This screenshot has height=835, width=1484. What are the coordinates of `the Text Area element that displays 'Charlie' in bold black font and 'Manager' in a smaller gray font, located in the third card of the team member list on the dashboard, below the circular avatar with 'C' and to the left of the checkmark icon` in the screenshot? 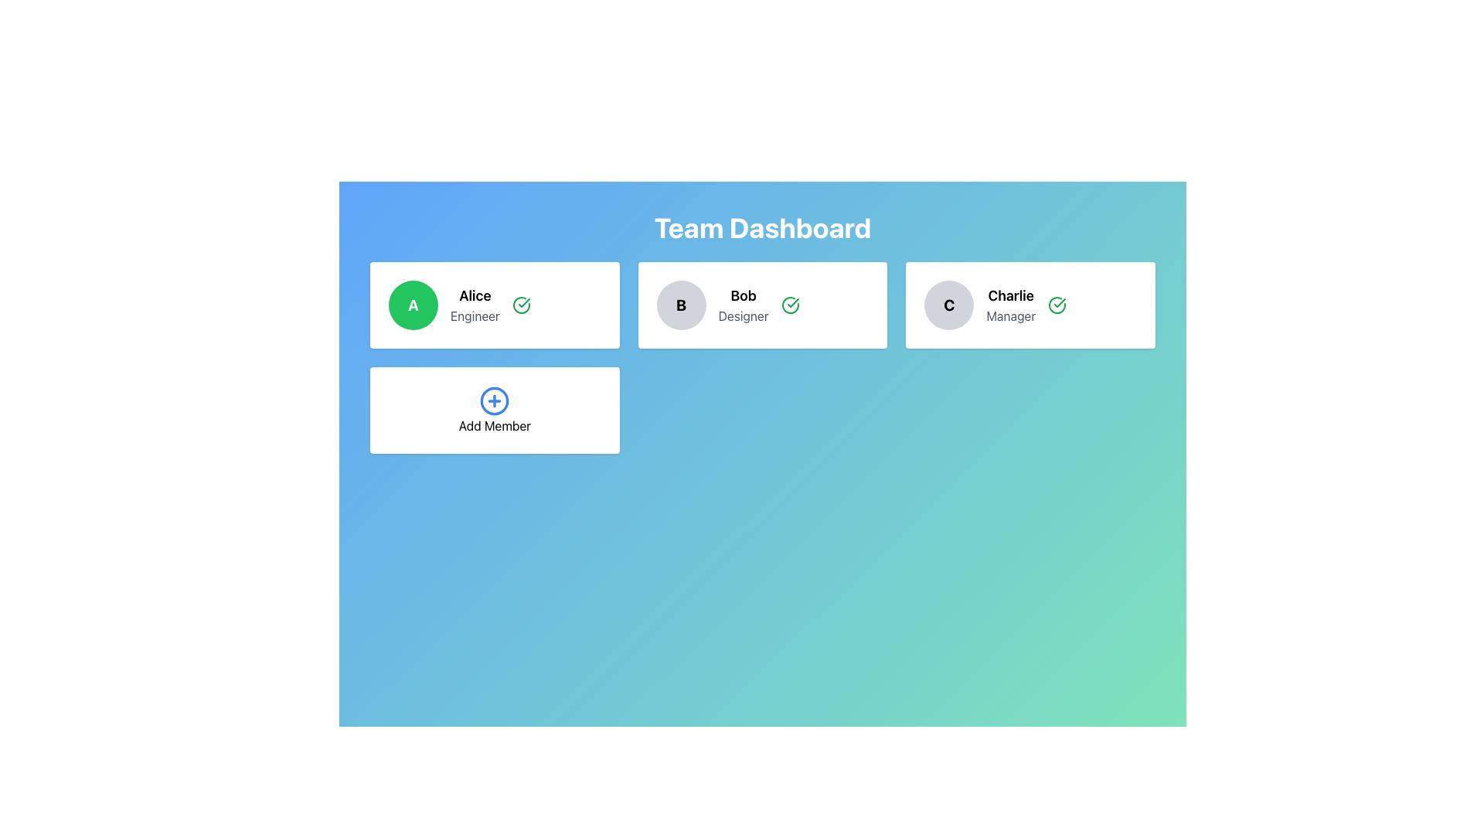 It's located at (1011, 305).